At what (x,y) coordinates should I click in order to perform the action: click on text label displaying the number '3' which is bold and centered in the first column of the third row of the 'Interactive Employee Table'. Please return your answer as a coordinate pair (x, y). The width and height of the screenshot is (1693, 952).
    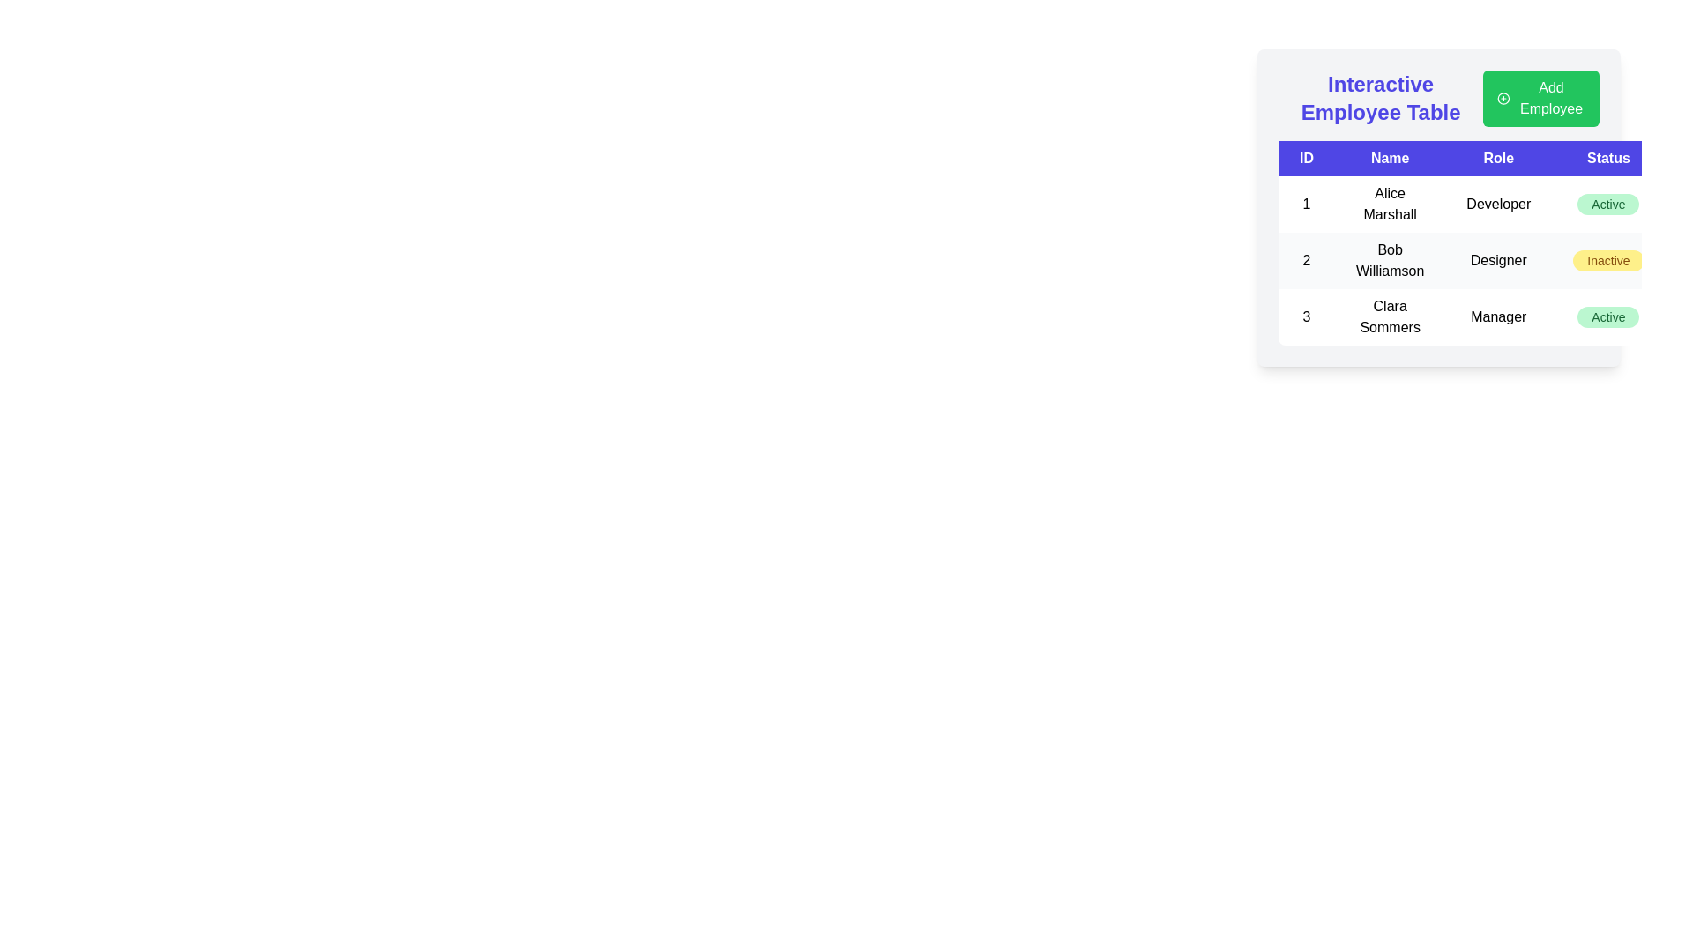
    Looking at the image, I should click on (1307, 316).